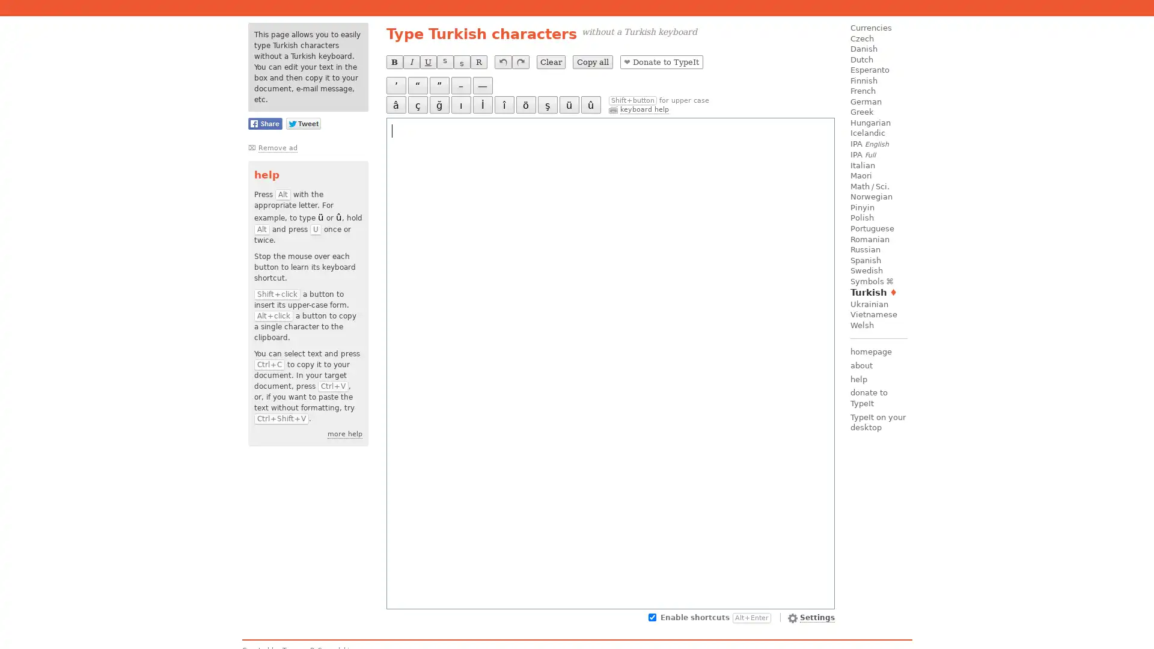 Image resolution: width=1154 pixels, height=649 pixels. What do you see at coordinates (303, 123) in the screenshot?
I see `Share this page on Twitter` at bounding box center [303, 123].